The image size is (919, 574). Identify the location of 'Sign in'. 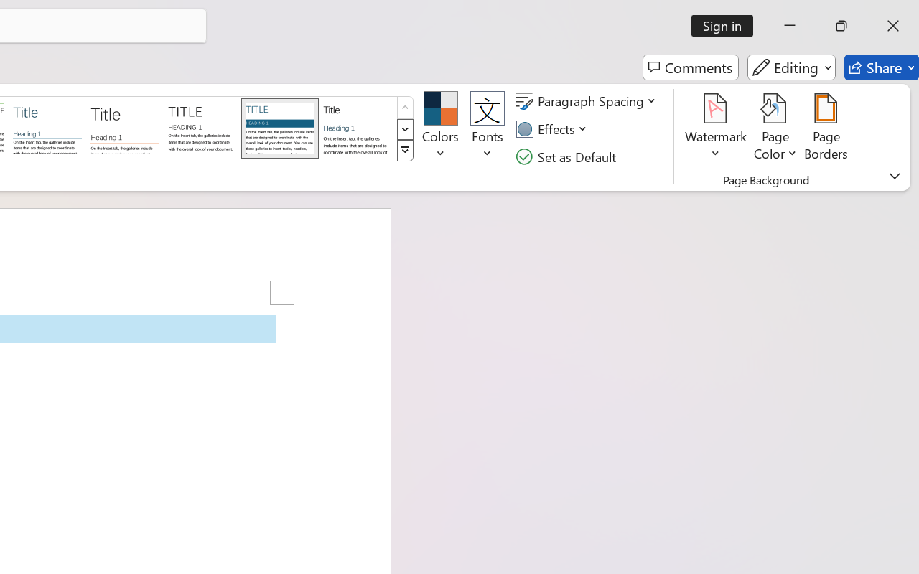
(727, 25).